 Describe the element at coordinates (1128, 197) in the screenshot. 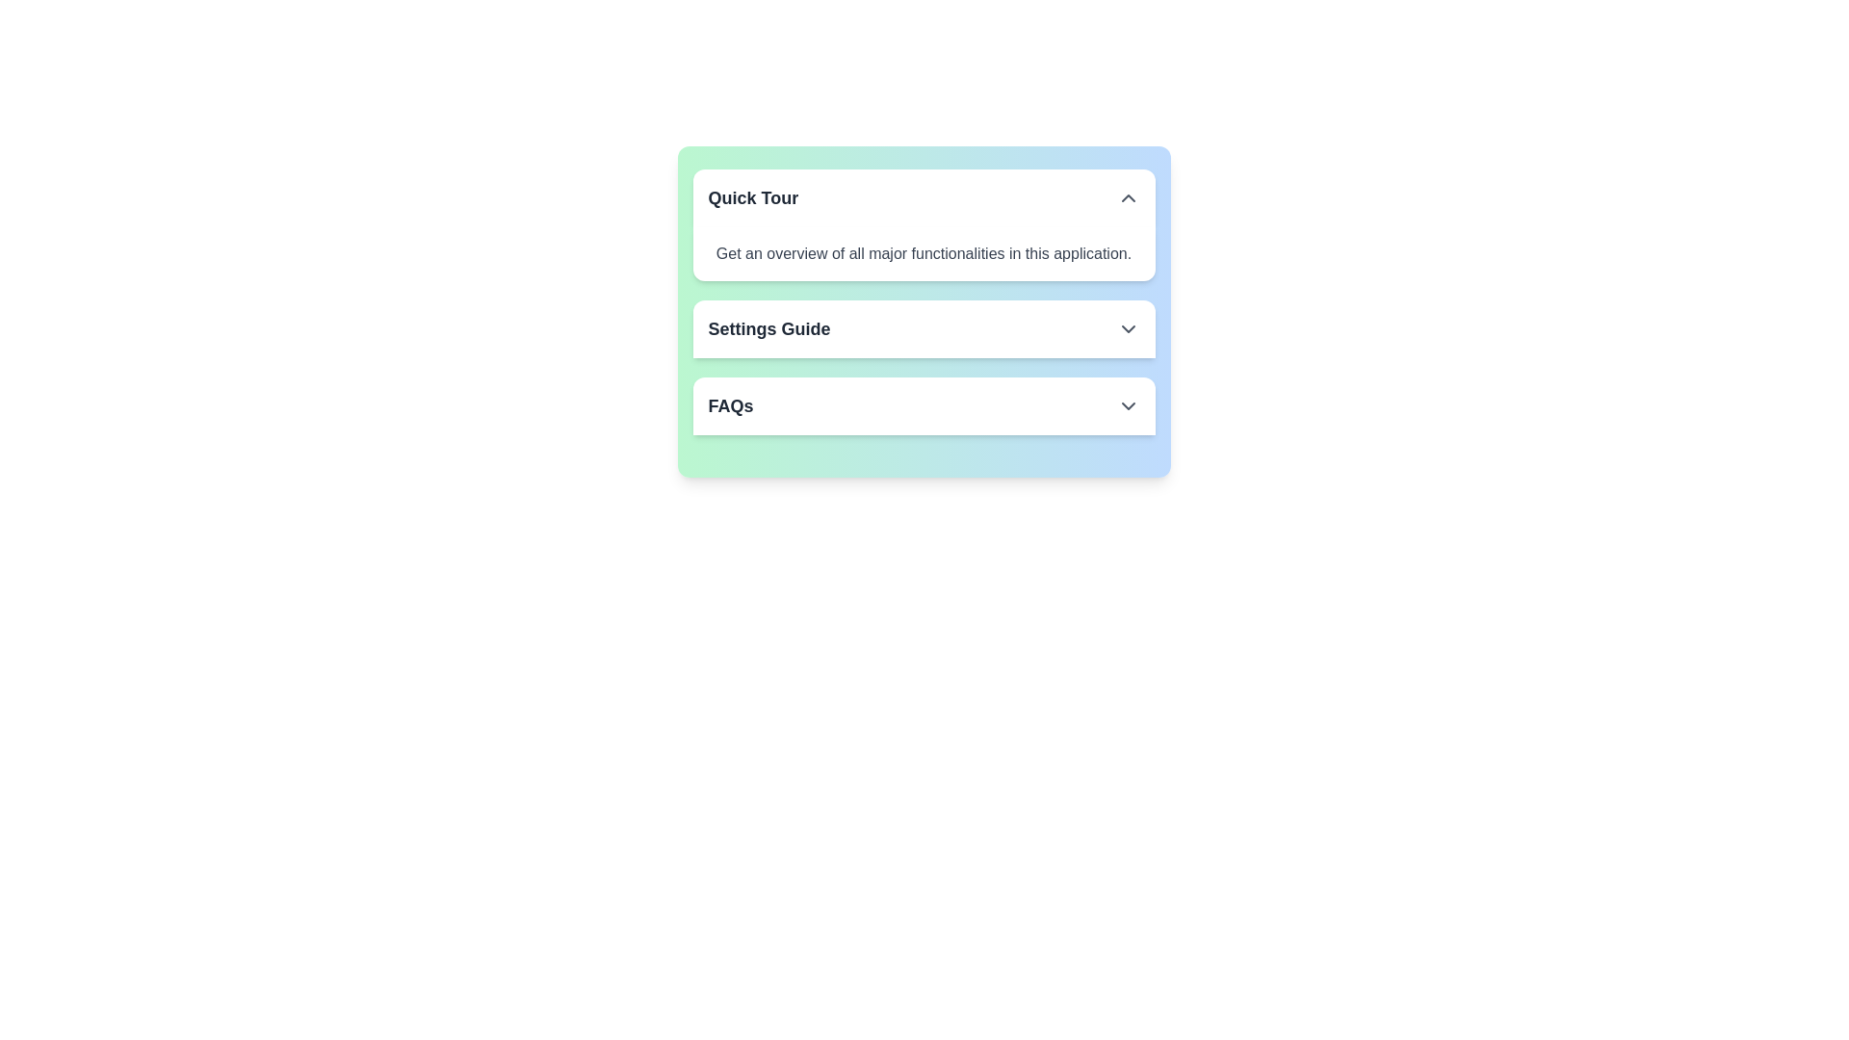

I see `the chevron icon located to the right of the 'Quick Tour' text in the top panel` at that location.